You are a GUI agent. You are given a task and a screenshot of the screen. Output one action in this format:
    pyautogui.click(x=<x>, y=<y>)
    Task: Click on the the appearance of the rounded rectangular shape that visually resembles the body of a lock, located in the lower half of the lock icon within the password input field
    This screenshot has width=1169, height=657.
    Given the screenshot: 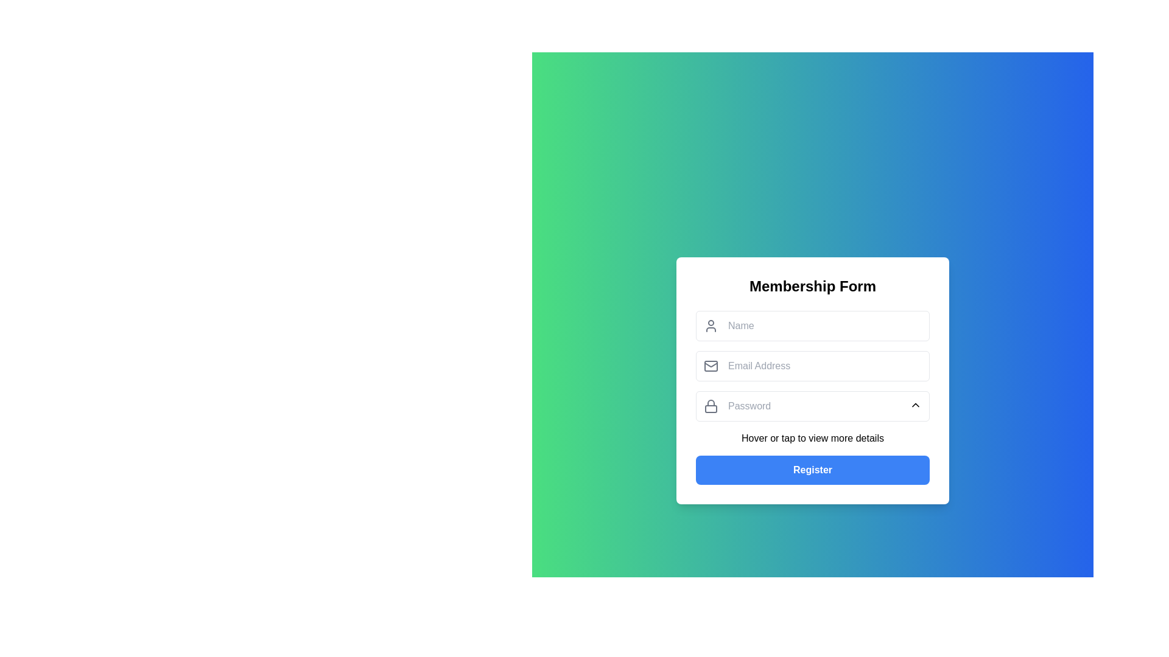 What is the action you would take?
    pyautogui.click(x=711, y=409)
    